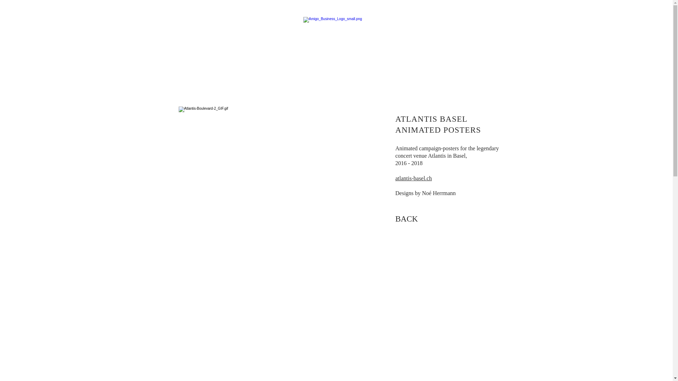 This screenshot has width=678, height=381. Describe the element at coordinates (414, 178) in the screenshot. I see `'atlantis-basel.ch'` at that location.